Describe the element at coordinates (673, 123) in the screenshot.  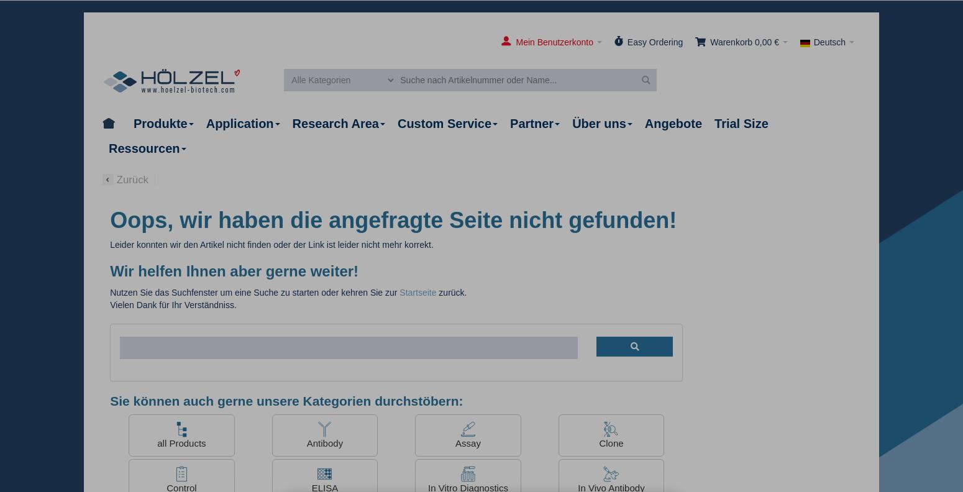
I see `'Angebote'` at that location.